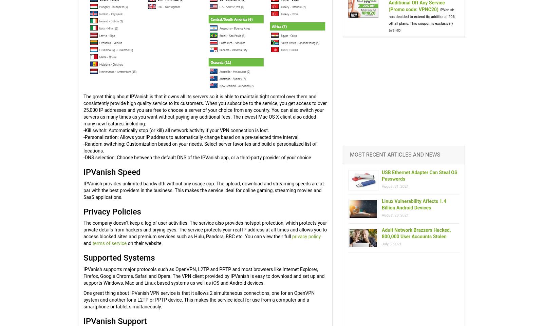  Describe the element at coordinates (381, 243) in the screenshot. I see `'July 5, 2021'` at that location.